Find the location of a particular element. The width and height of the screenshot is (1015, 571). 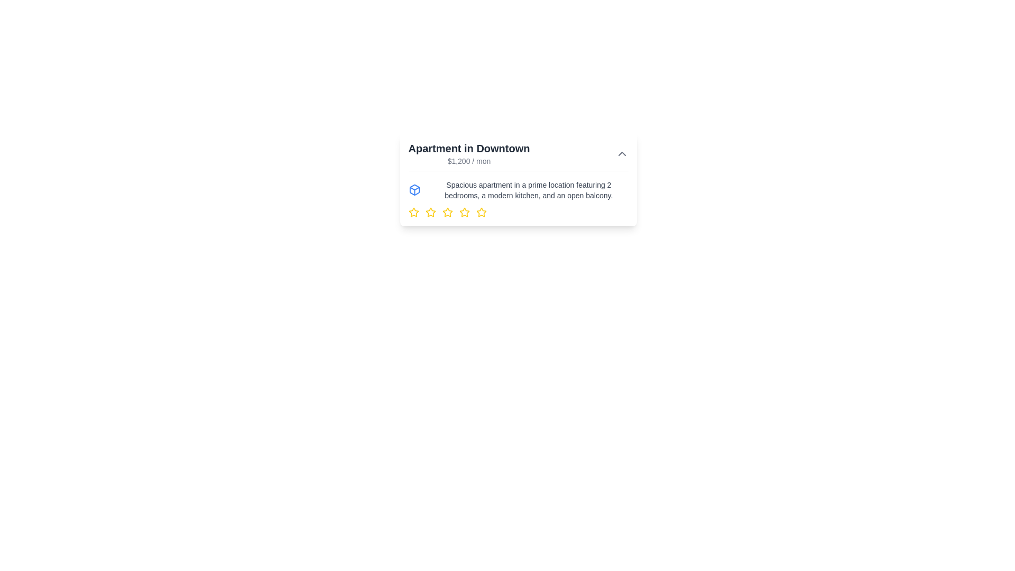

the text label 'Apartment in Downtown' is located at coordinates (468, 149).